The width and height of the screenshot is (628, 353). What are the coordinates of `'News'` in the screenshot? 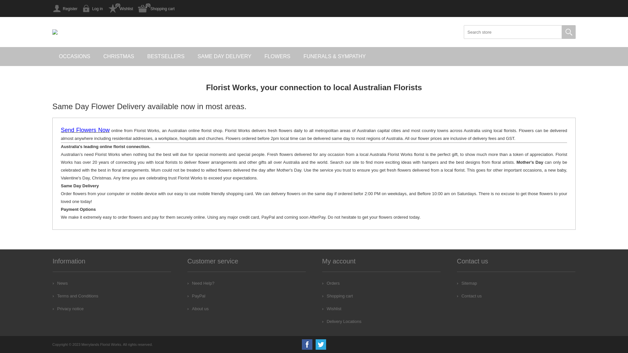 It's located at (53, 283).